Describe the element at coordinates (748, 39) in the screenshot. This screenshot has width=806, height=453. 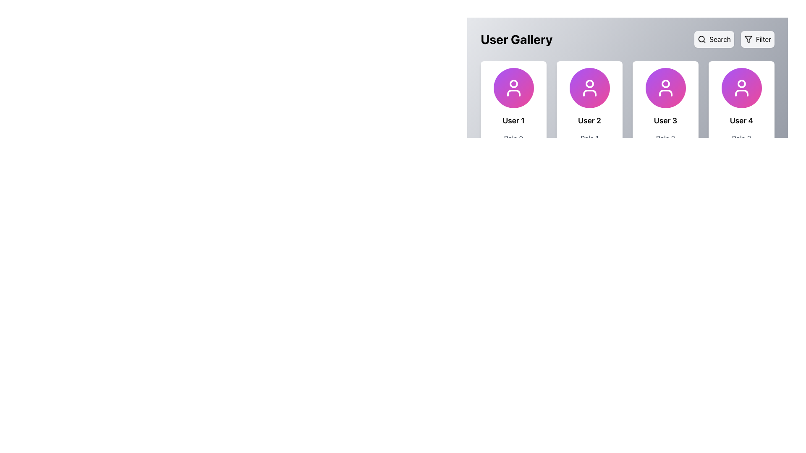
I see `the filter icon located in the upper-right corner of the interface, adjacent to the 'Search' button` at that location.